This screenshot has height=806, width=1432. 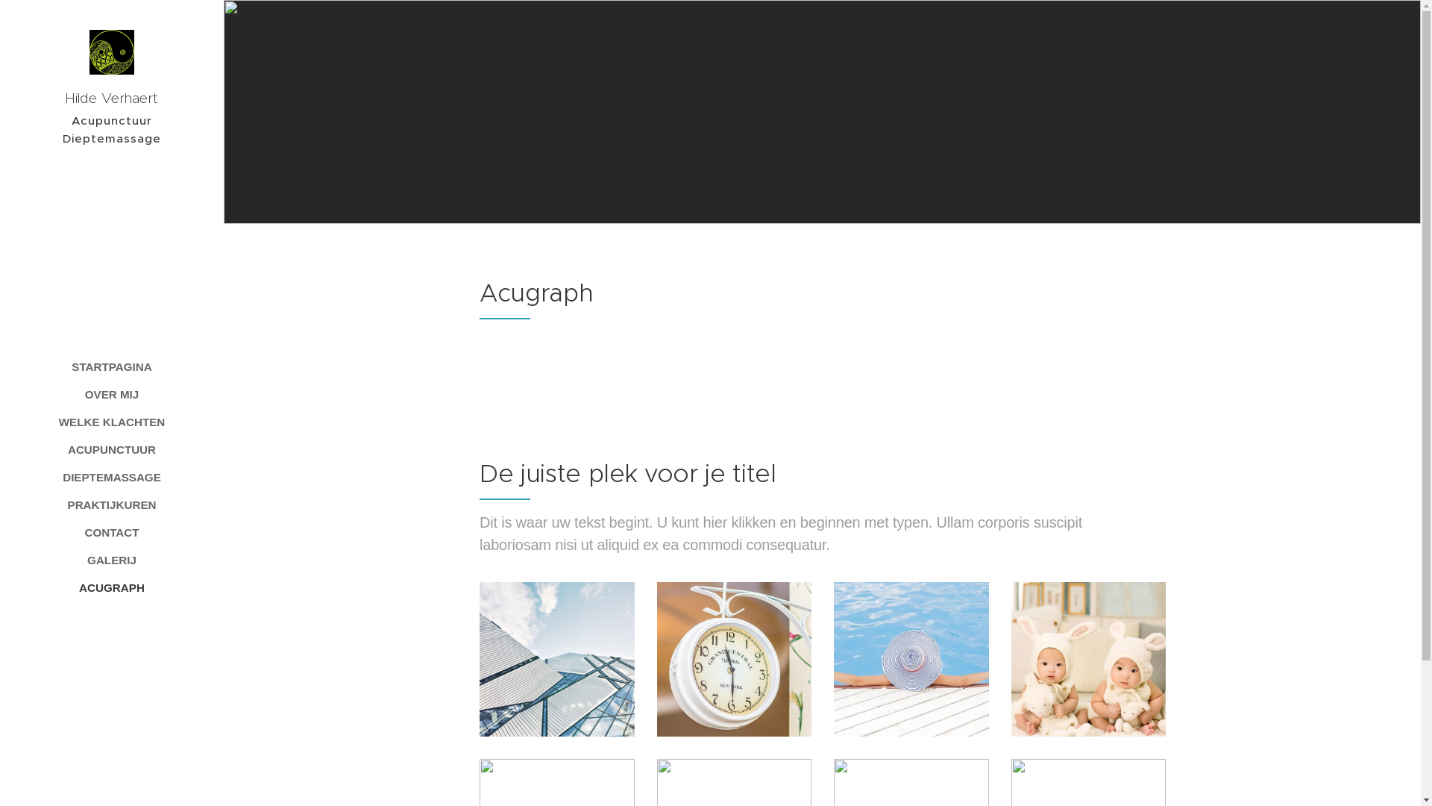 What do you see at coordinates (4, 504) in the screenshot?
I see `'PRAKTIJKUREN'` at bounding box center [4, 504].